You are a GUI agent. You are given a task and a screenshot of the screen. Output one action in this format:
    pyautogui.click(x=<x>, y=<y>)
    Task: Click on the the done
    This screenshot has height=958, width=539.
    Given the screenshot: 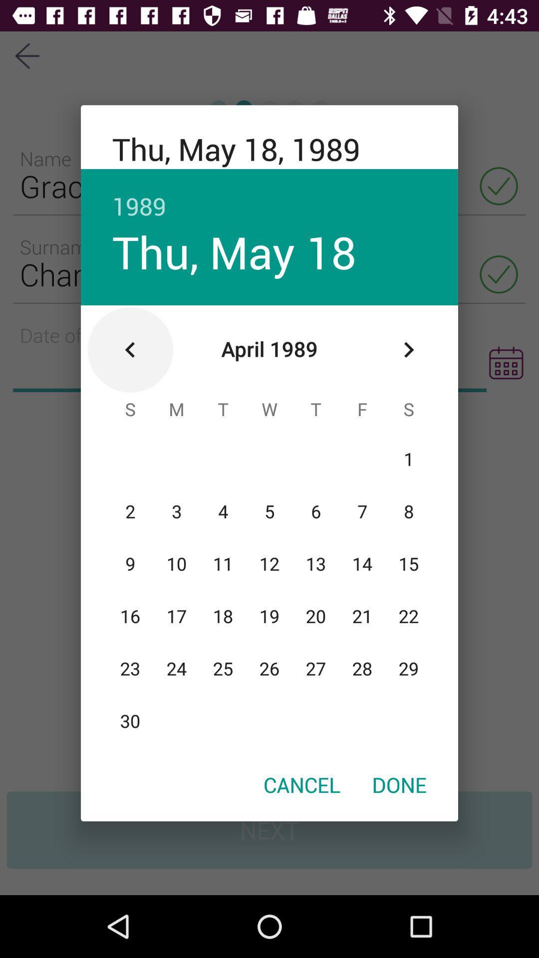 What is the action you would take?
    pyautogui.click(x=399, y=784)
    